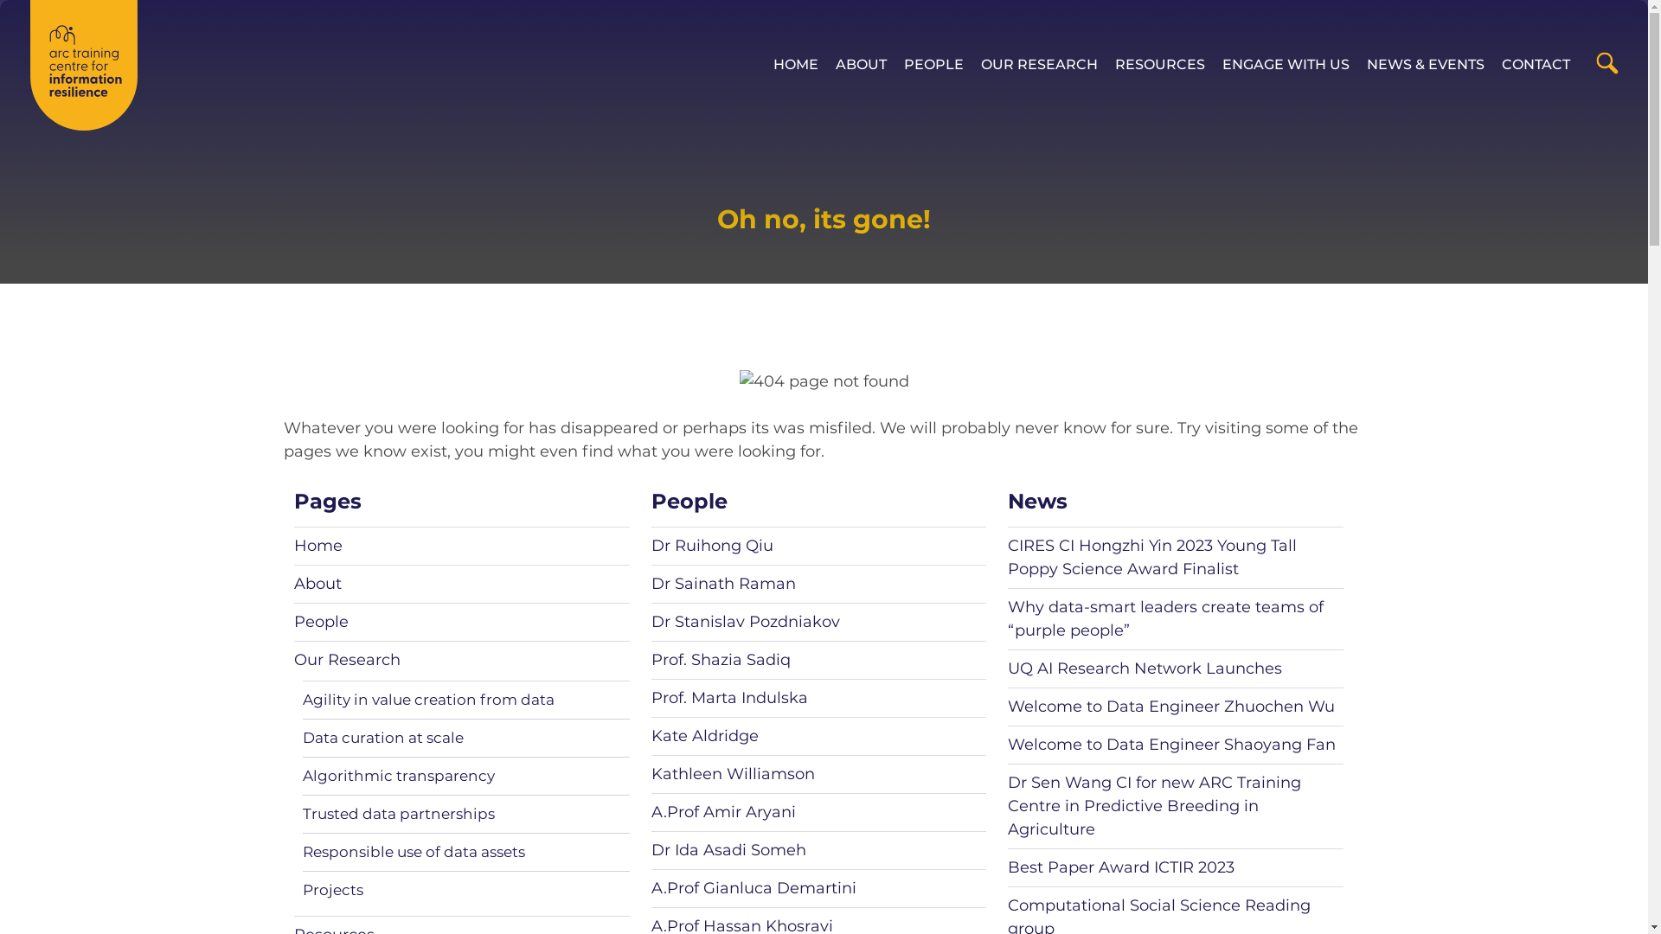 This screenshot has width=1661, height=934. What do you see at coordinates (428, 699) in the screenshot?
I see `'Agility in value creation from data'` at bounding box center [428, 699].